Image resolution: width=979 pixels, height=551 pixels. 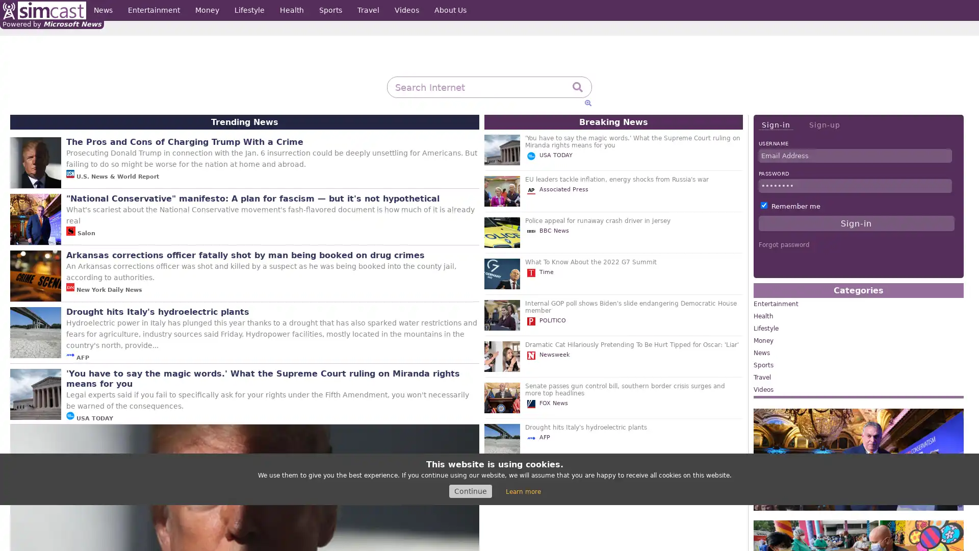 I want to click on Sign-up, so click(x=824, y=124).